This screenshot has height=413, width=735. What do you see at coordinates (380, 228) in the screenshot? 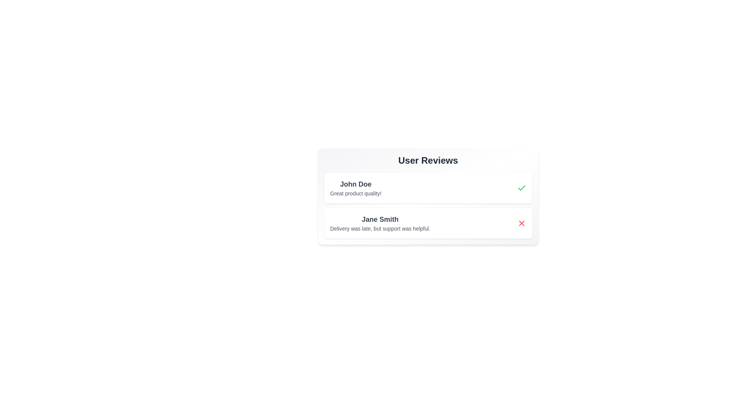
I see `the user comment text displayed below 'Jane Smith' in the second review entry of the user review panel` at bounding box center [380, 228].